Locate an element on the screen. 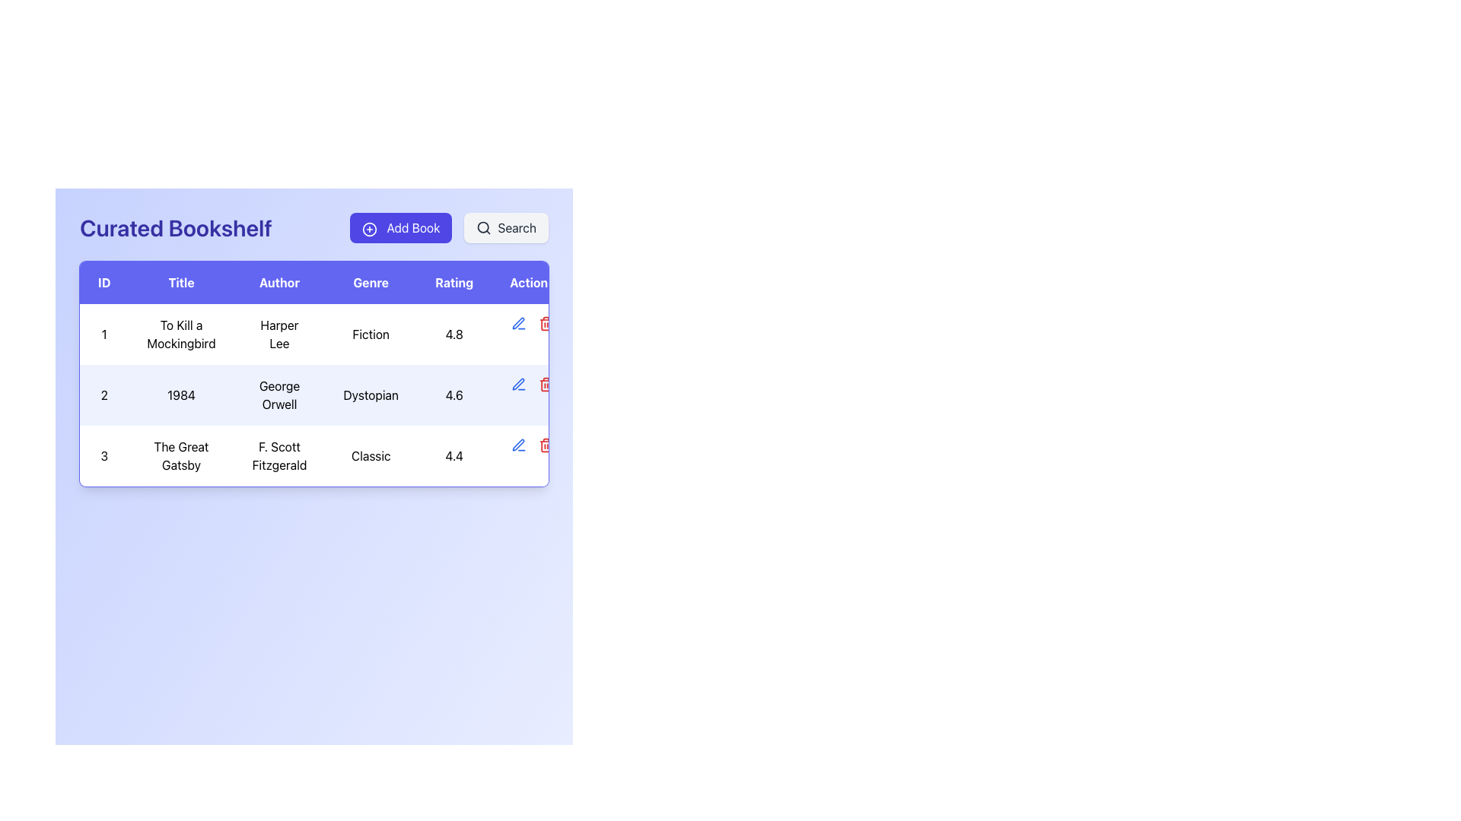 The width and height of the screenshot is (1461, 821). static text element representing the author of the book '1984' in the Curated Bookshelf table, located in the third column of the second row is located at coordinates (279, 395).